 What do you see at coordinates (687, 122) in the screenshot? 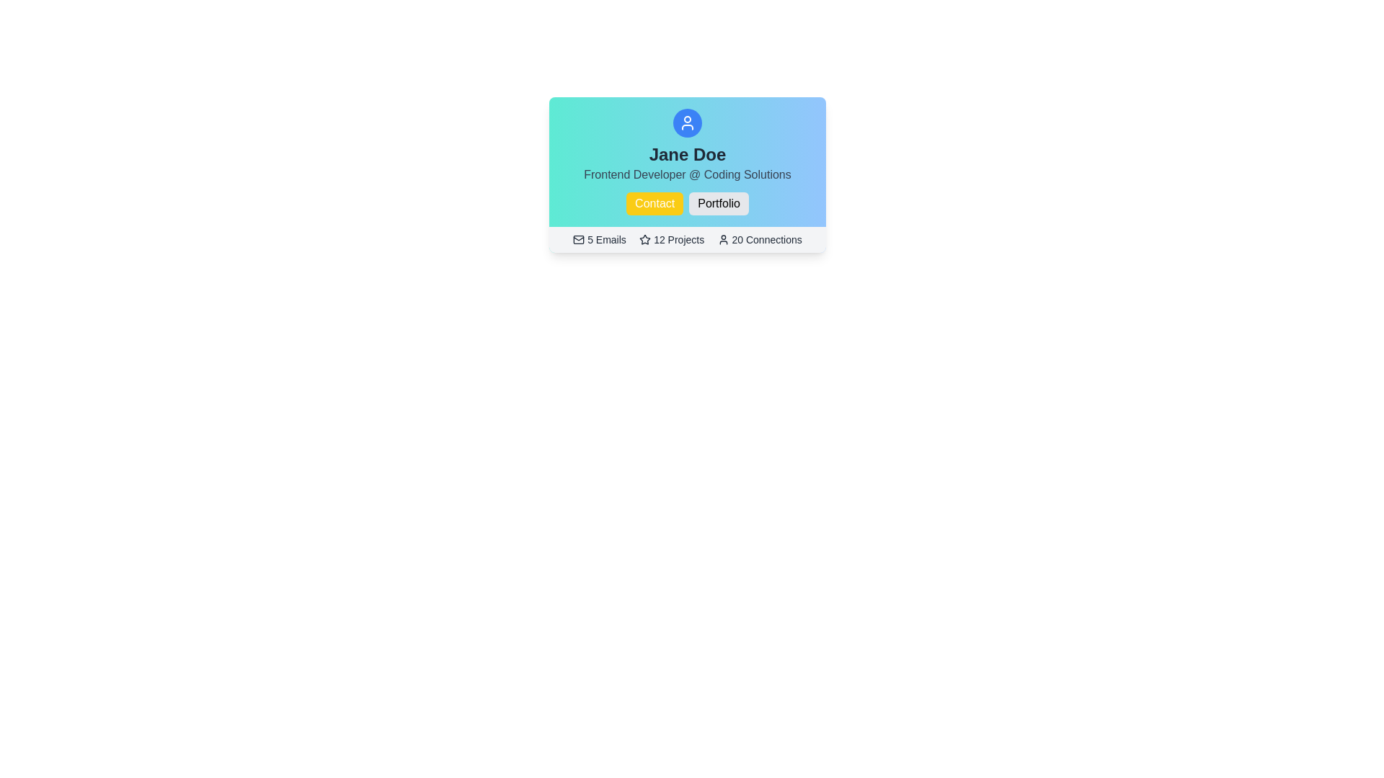
I see `the Avatar icon above the text 'Jane Doe' to perform dynamic actions` at bounding box center [687, 122].